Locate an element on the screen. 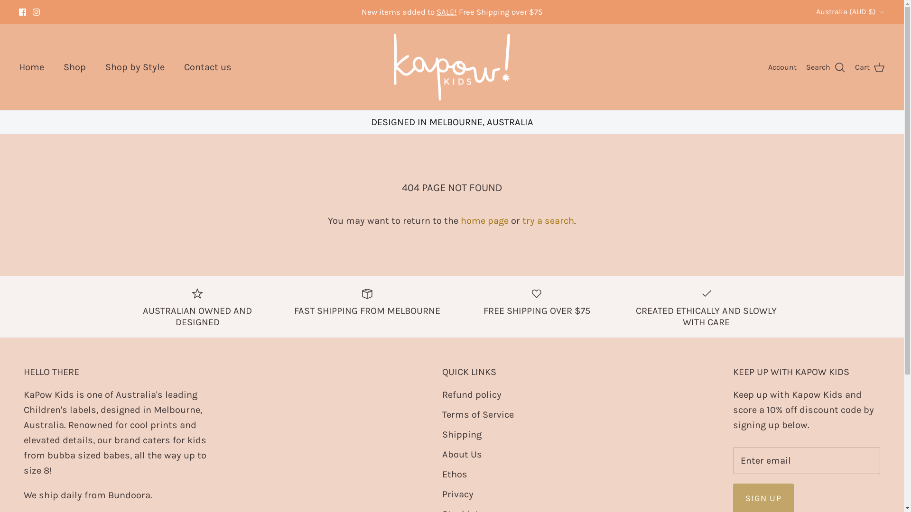 The image size is (911, 512). 'SALE!' is located at coordinates (446, 11).